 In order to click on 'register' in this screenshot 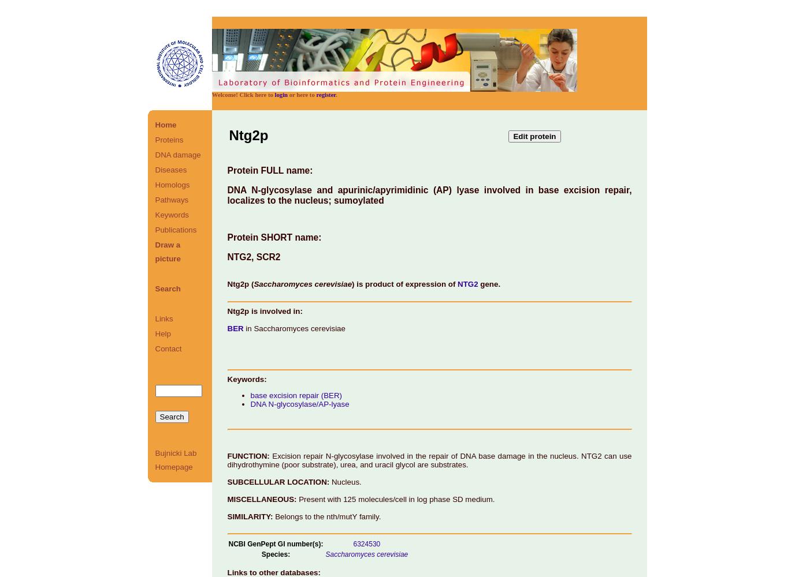, I will do `click(326, 95)`.